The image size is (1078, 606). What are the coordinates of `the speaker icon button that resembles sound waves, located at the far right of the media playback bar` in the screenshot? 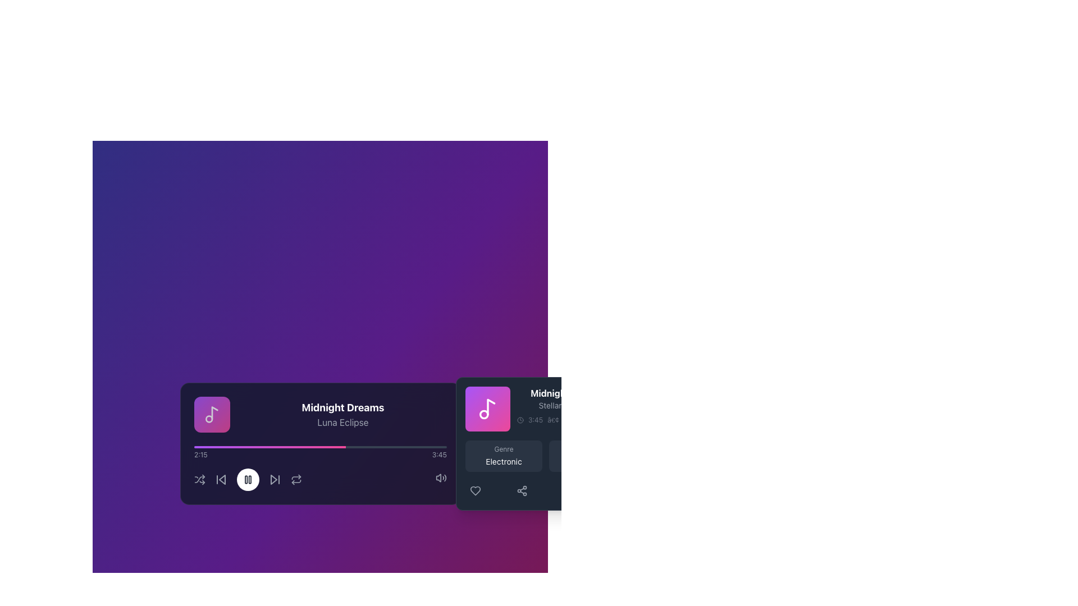 It's located at (440, 480).